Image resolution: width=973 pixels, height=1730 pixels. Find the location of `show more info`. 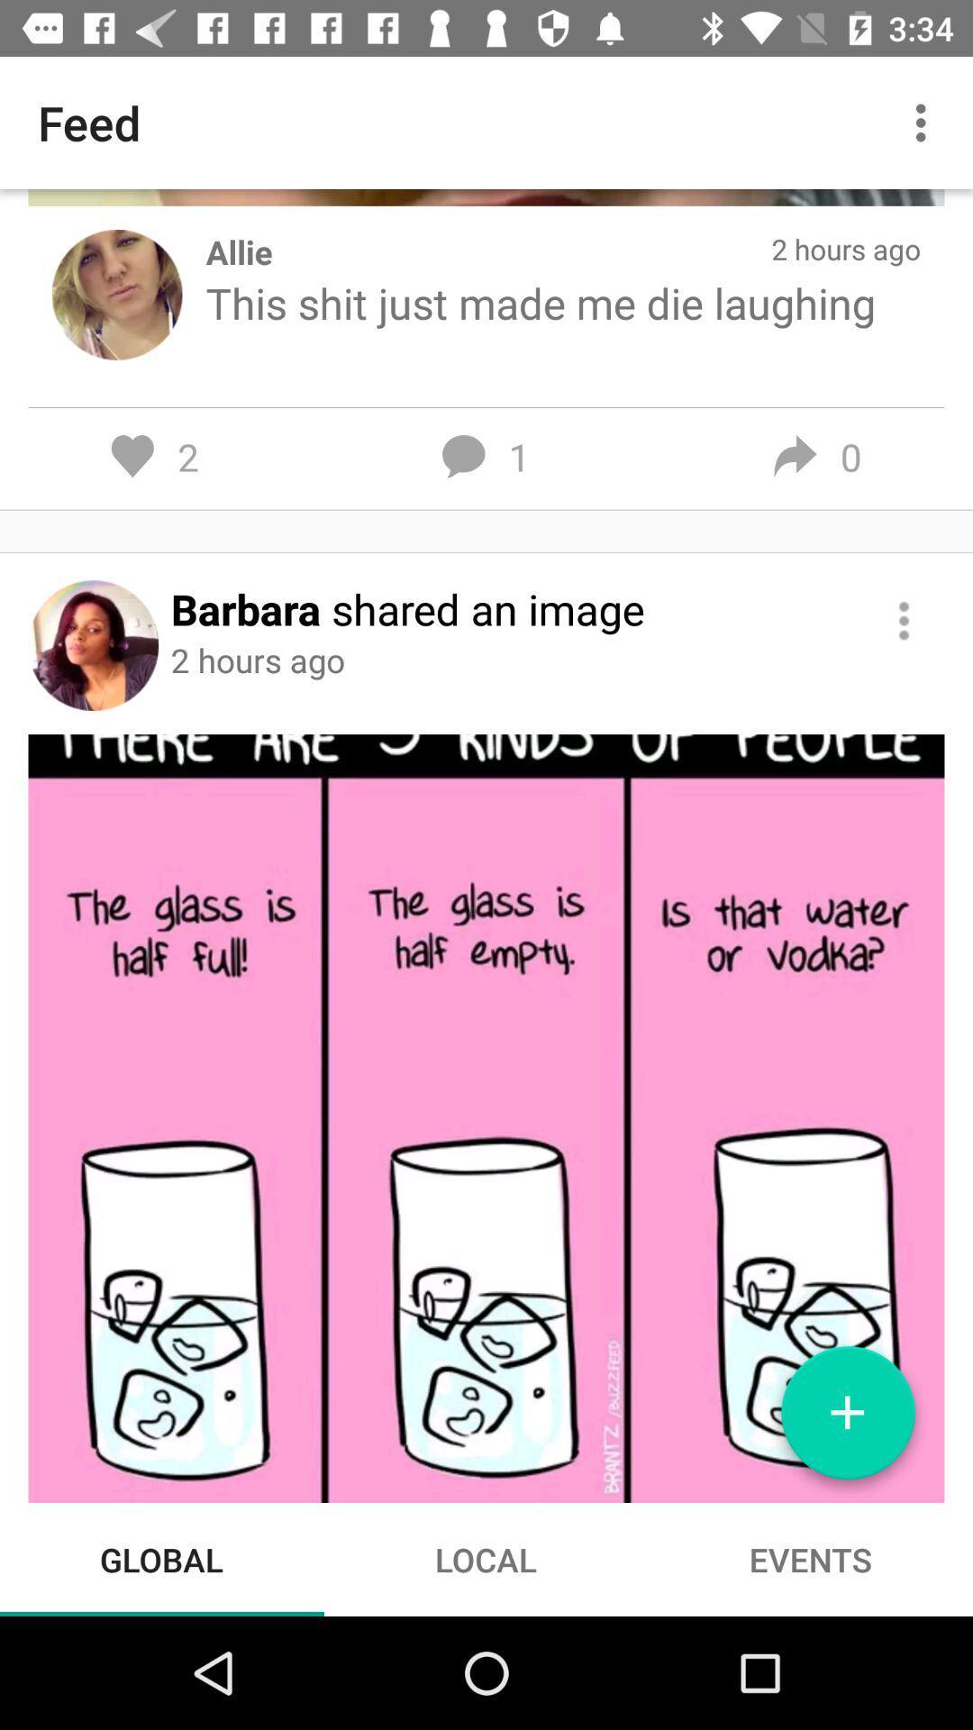

show more info is located at coordinates (904, 621).